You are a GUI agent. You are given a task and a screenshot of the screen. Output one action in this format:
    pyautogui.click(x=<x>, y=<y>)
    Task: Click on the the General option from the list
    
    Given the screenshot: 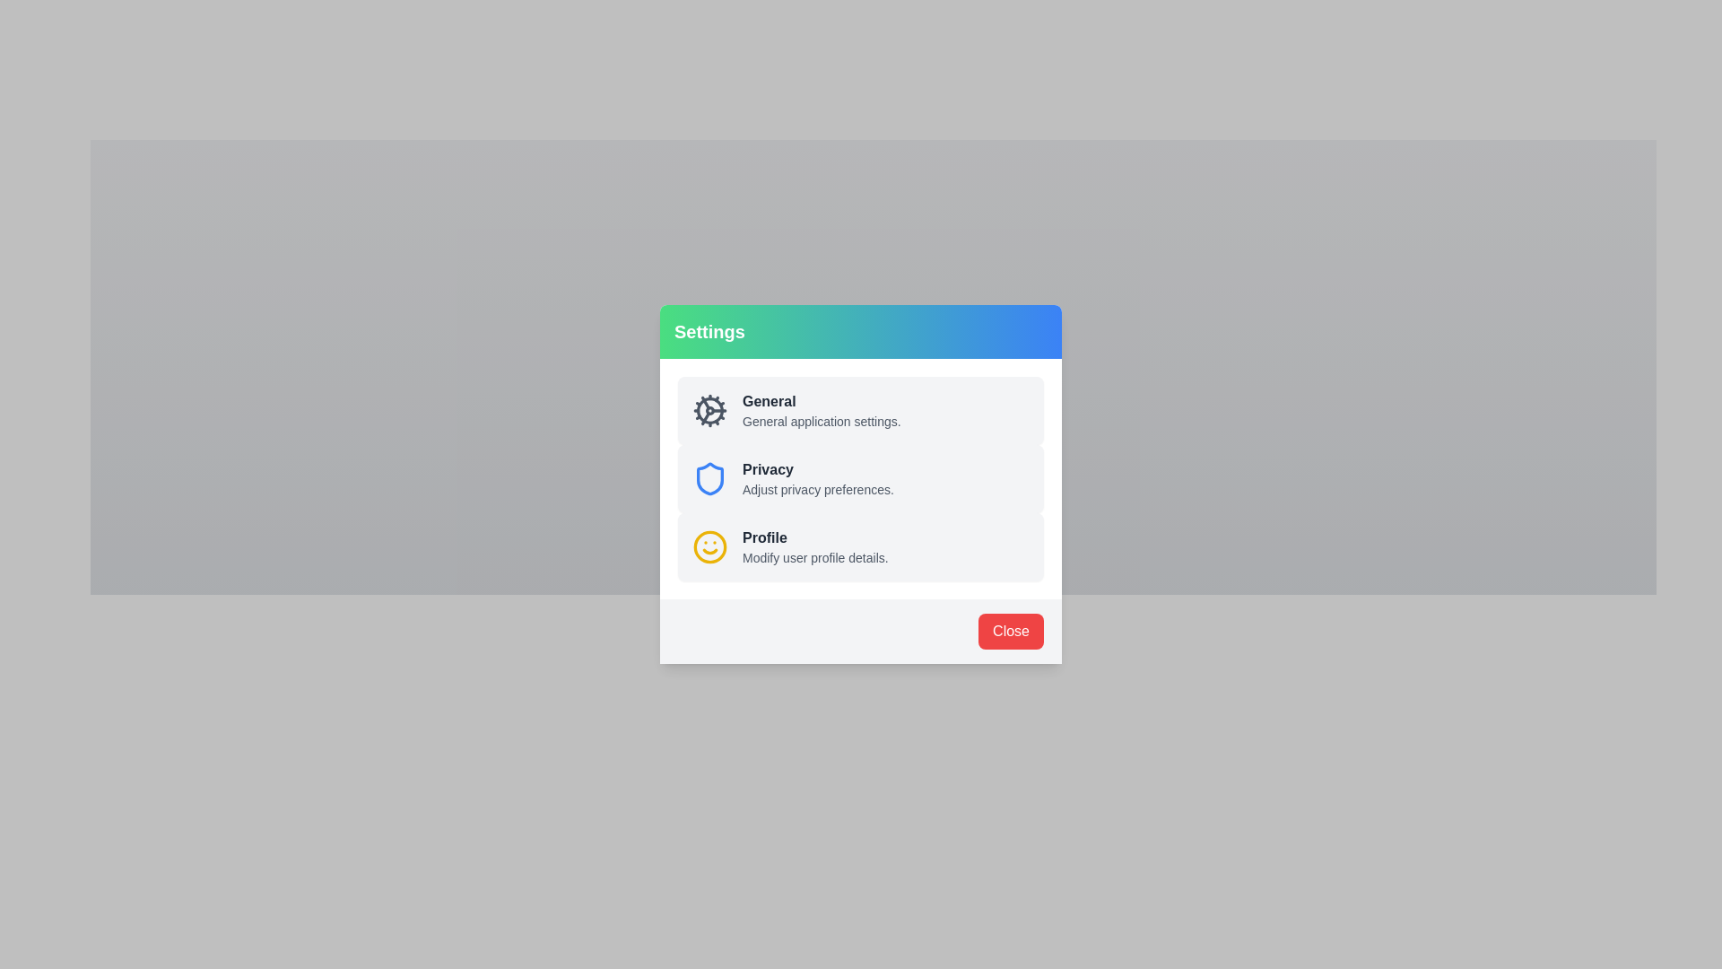 What is the action you would take?
    pyautogui.click(x=874, y=269)
    